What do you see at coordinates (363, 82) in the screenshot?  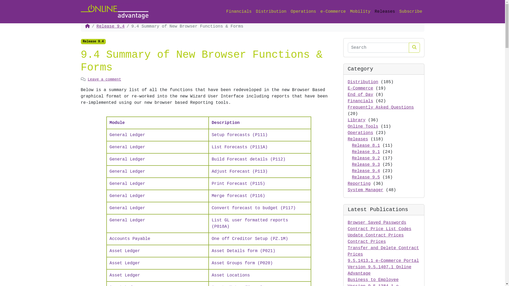 I see `'Distribution'` at bounding box center [363, 82].